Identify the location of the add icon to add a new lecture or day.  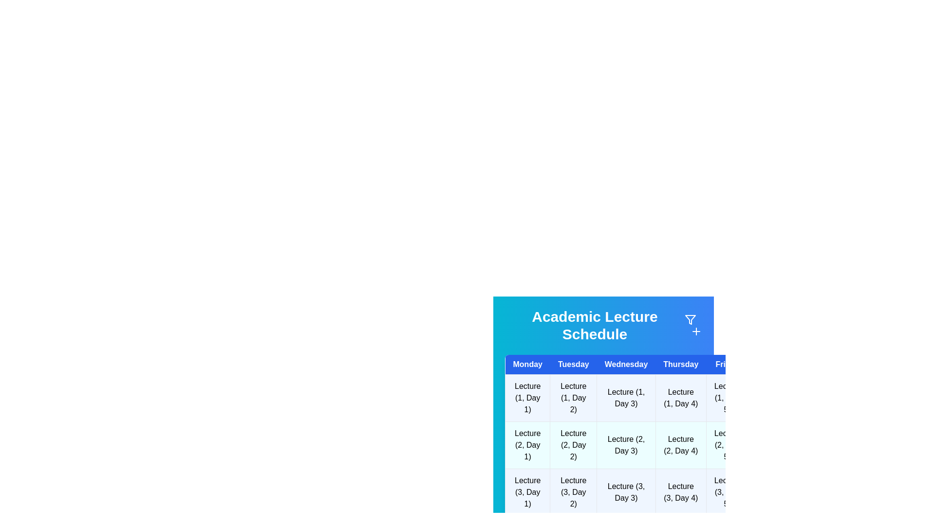
(696, 331).